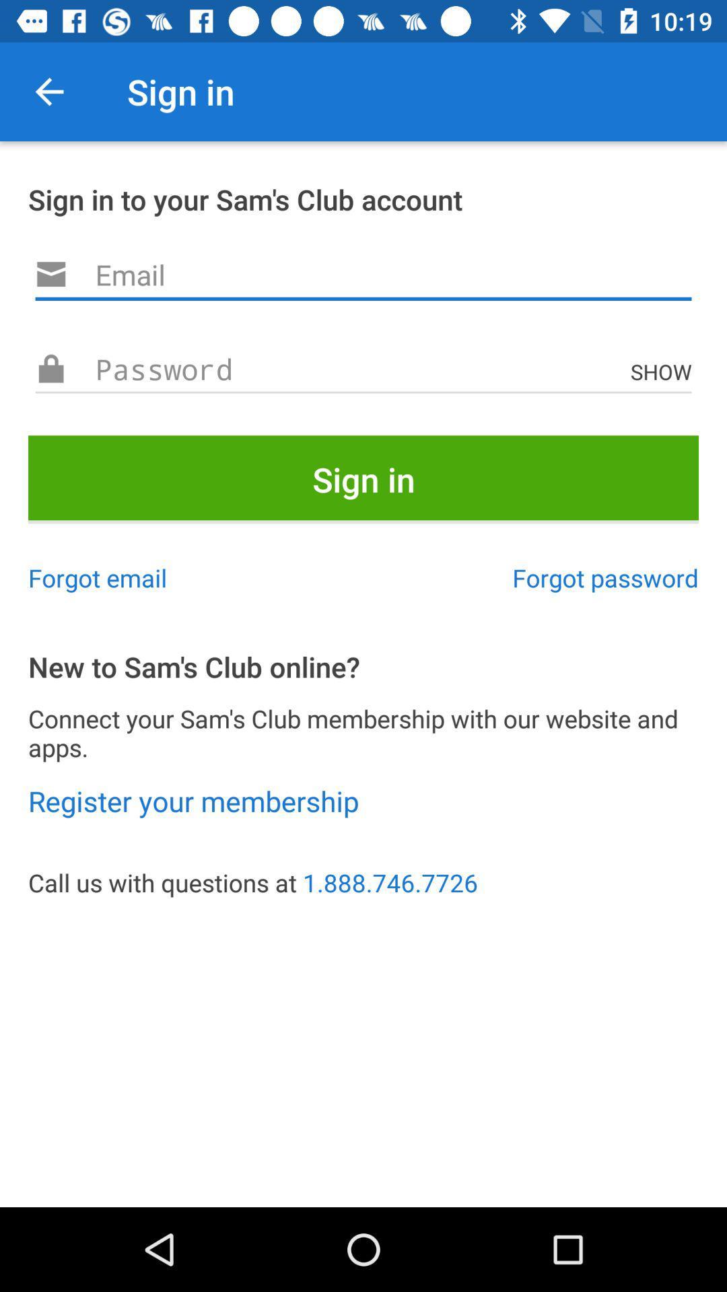 The height and width of the screenshot is (1292, 727). I want to click on the icon above sign in, so click(664, 371).